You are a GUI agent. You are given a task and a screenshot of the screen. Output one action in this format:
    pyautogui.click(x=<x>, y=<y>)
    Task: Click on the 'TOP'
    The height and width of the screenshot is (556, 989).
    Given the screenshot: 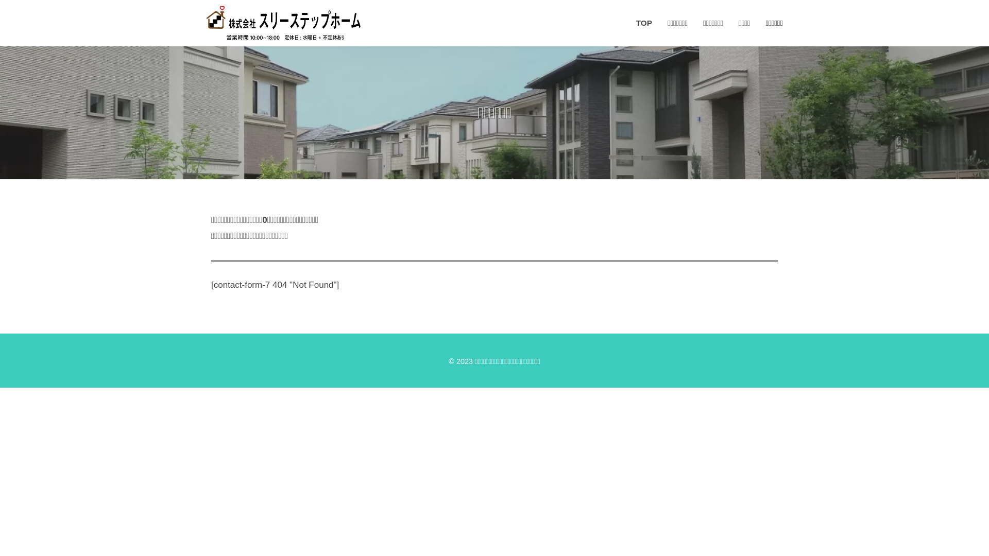 What is the action you would take?
    pyautogui.click(x=635, y=23)
    